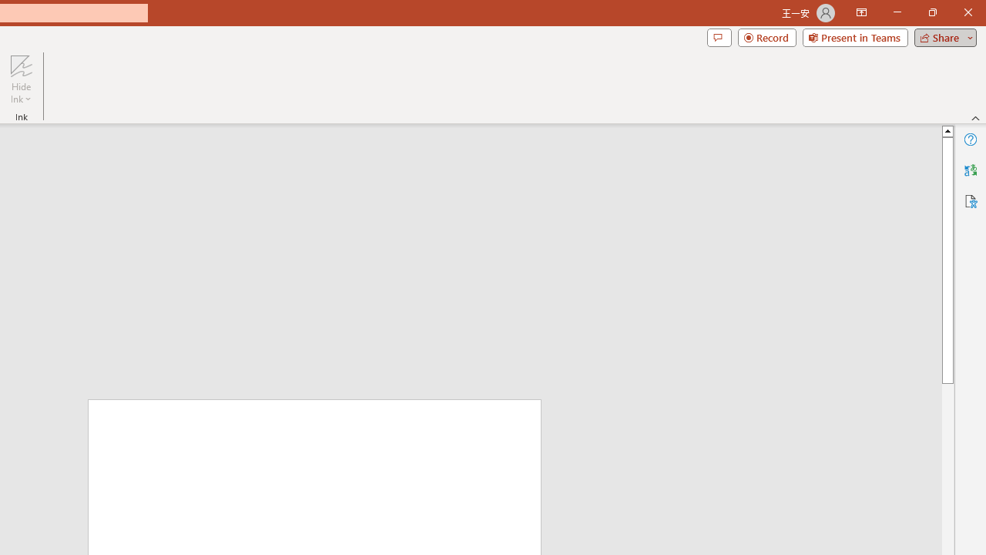 The height and width of the screenshot is (555, 986). Describe the element at coordinates (970, 170) in the screenshot. I see `'Translator'` at that location.